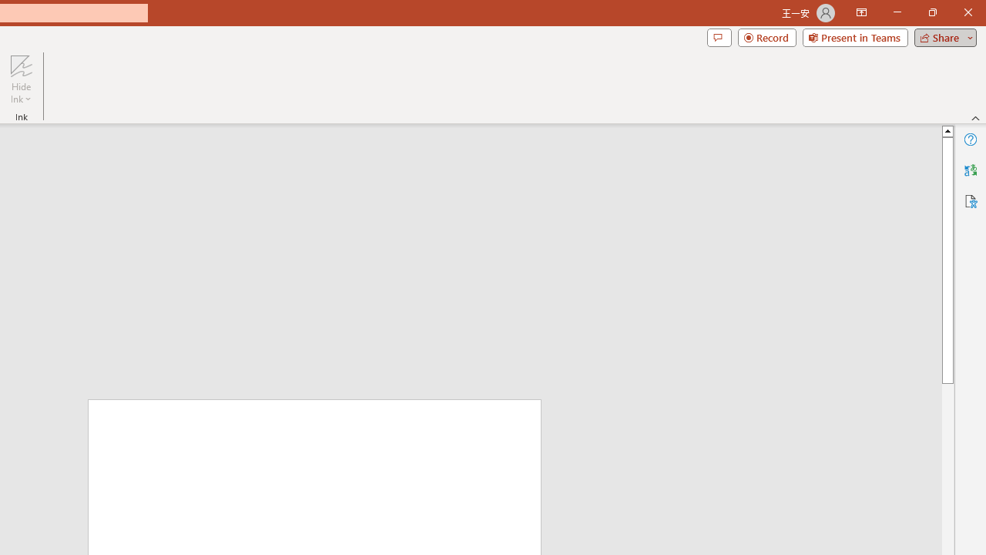 The height and width of the screenshot is (555, 986). Describe the element at coordinates (970, 170) in the screenshot. I see `'Translator'` at that location.